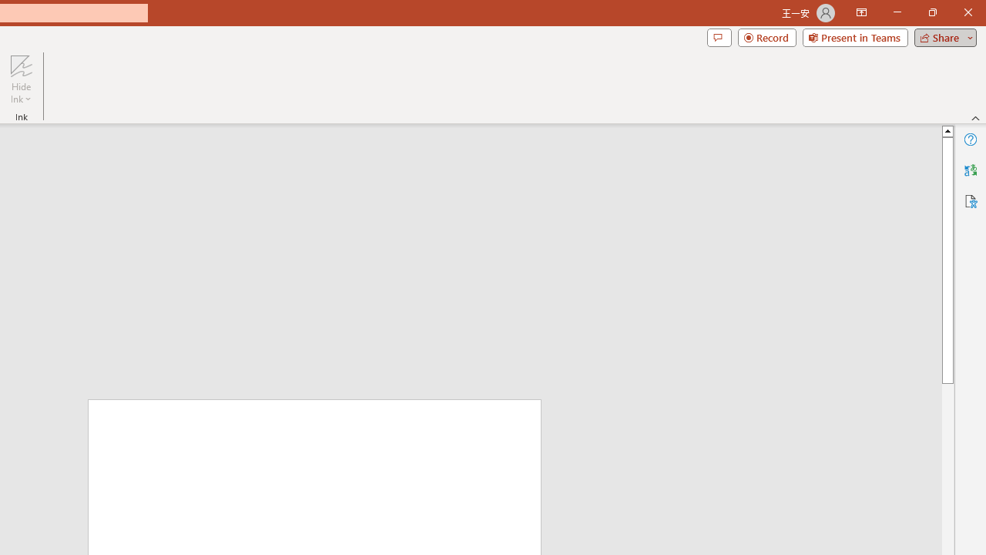 The height and width of the screenshot is (555, 986). Describe the element at coordinates (970, 170) in the screenshot. I see `'Translator'` at that location.